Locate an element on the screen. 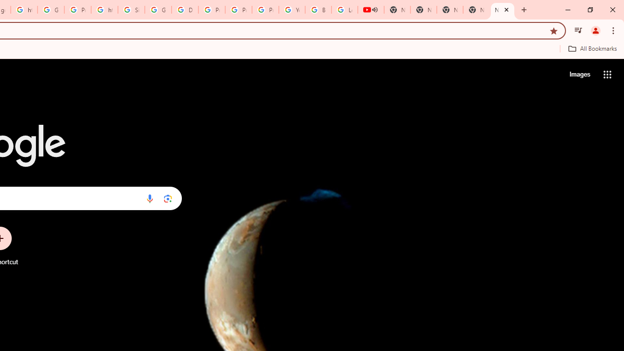 Image resolution: width=624 pixels, height=351 pixels. 'Privacy Help Center - Policies Help' is located at coordinates (238, 10).